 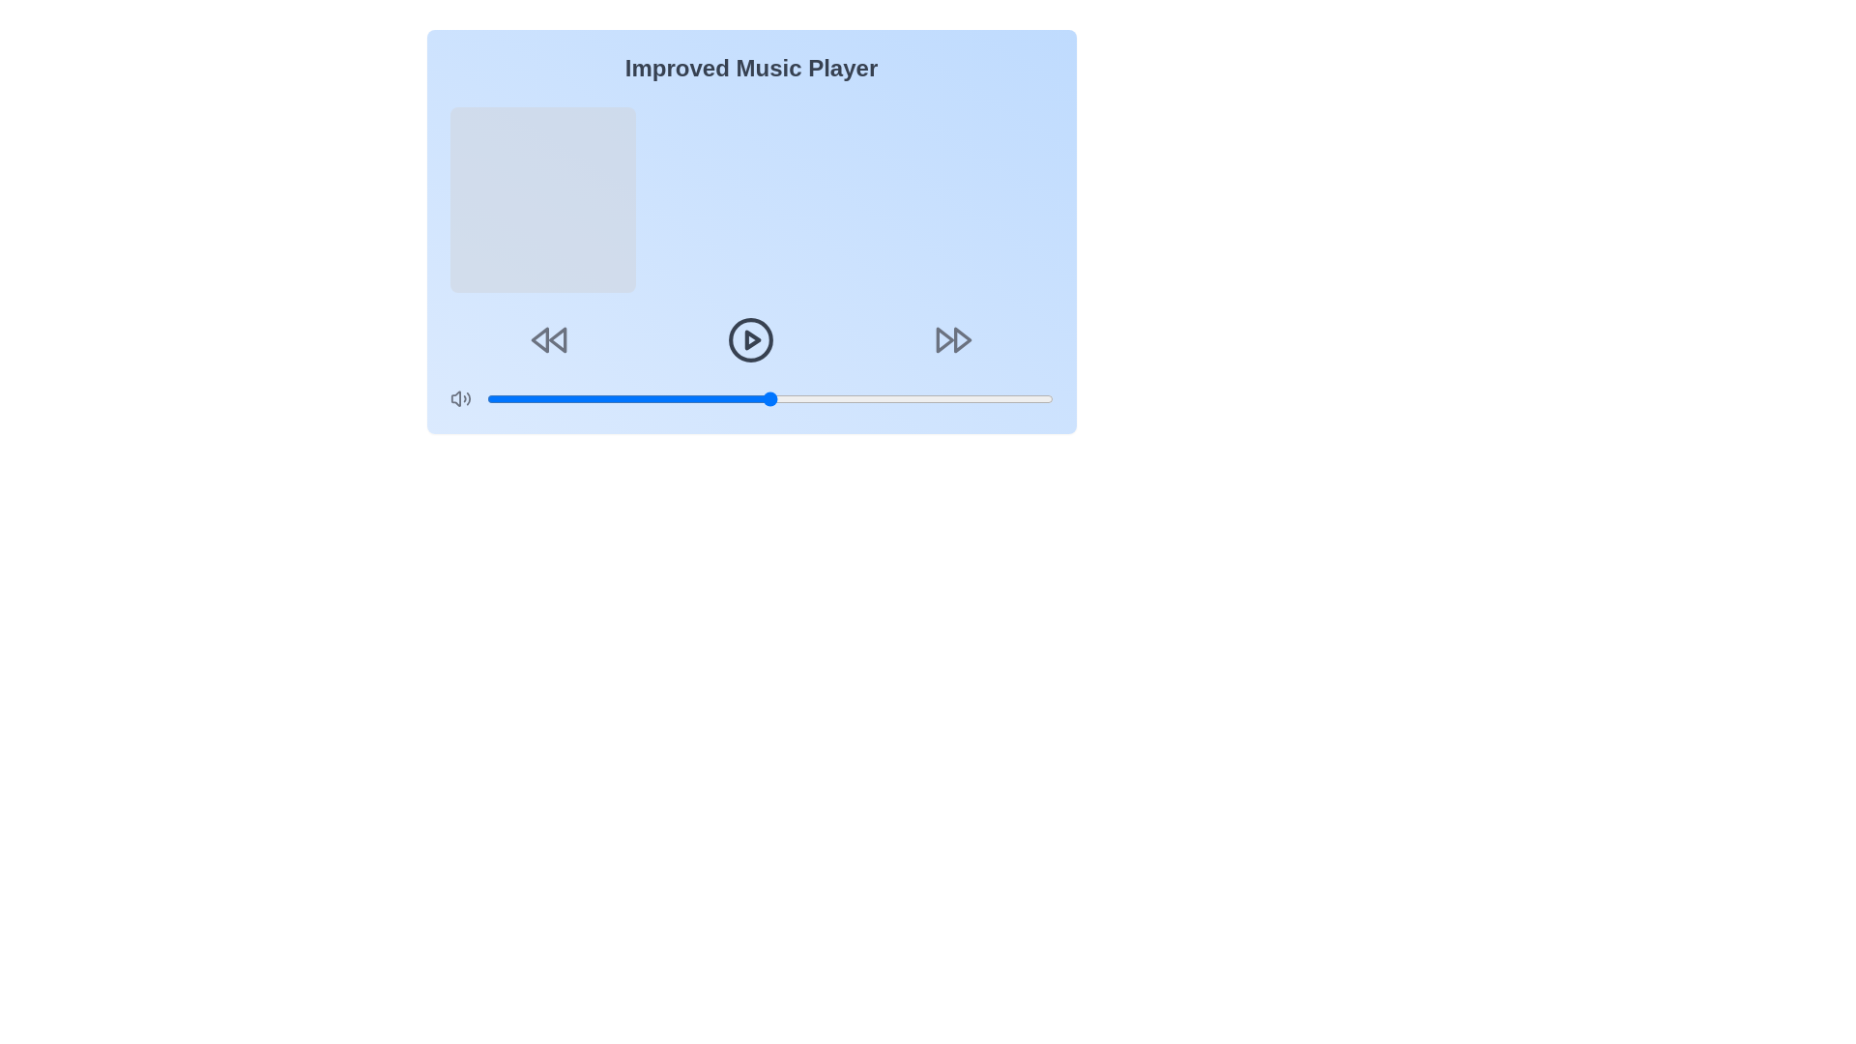 What do you see at coordinates (459, 397) in the screenshot?
I see `the volume control icon that serves as a visual indicator for toggling mute functionality` at bounding box center [459, 397].